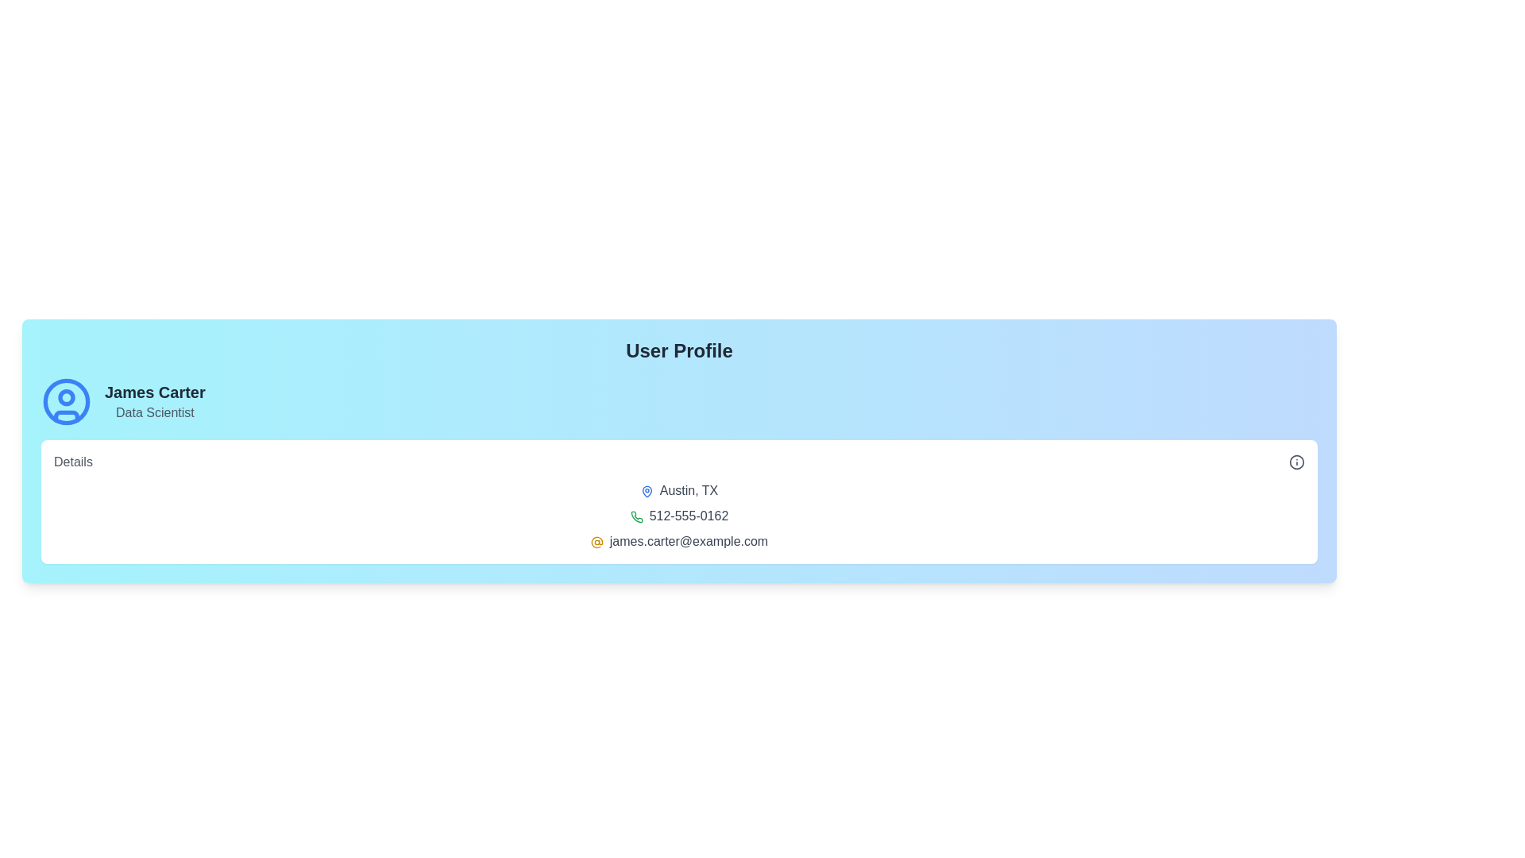 This screenshot has width=1525, height=858. What do you see at coordinates (647, 490) in the screenshot?
I see `the location icon in the 'Details' section, which is positioned to the left of the text 'Austin, TX'` at bounding box center [647, 490].